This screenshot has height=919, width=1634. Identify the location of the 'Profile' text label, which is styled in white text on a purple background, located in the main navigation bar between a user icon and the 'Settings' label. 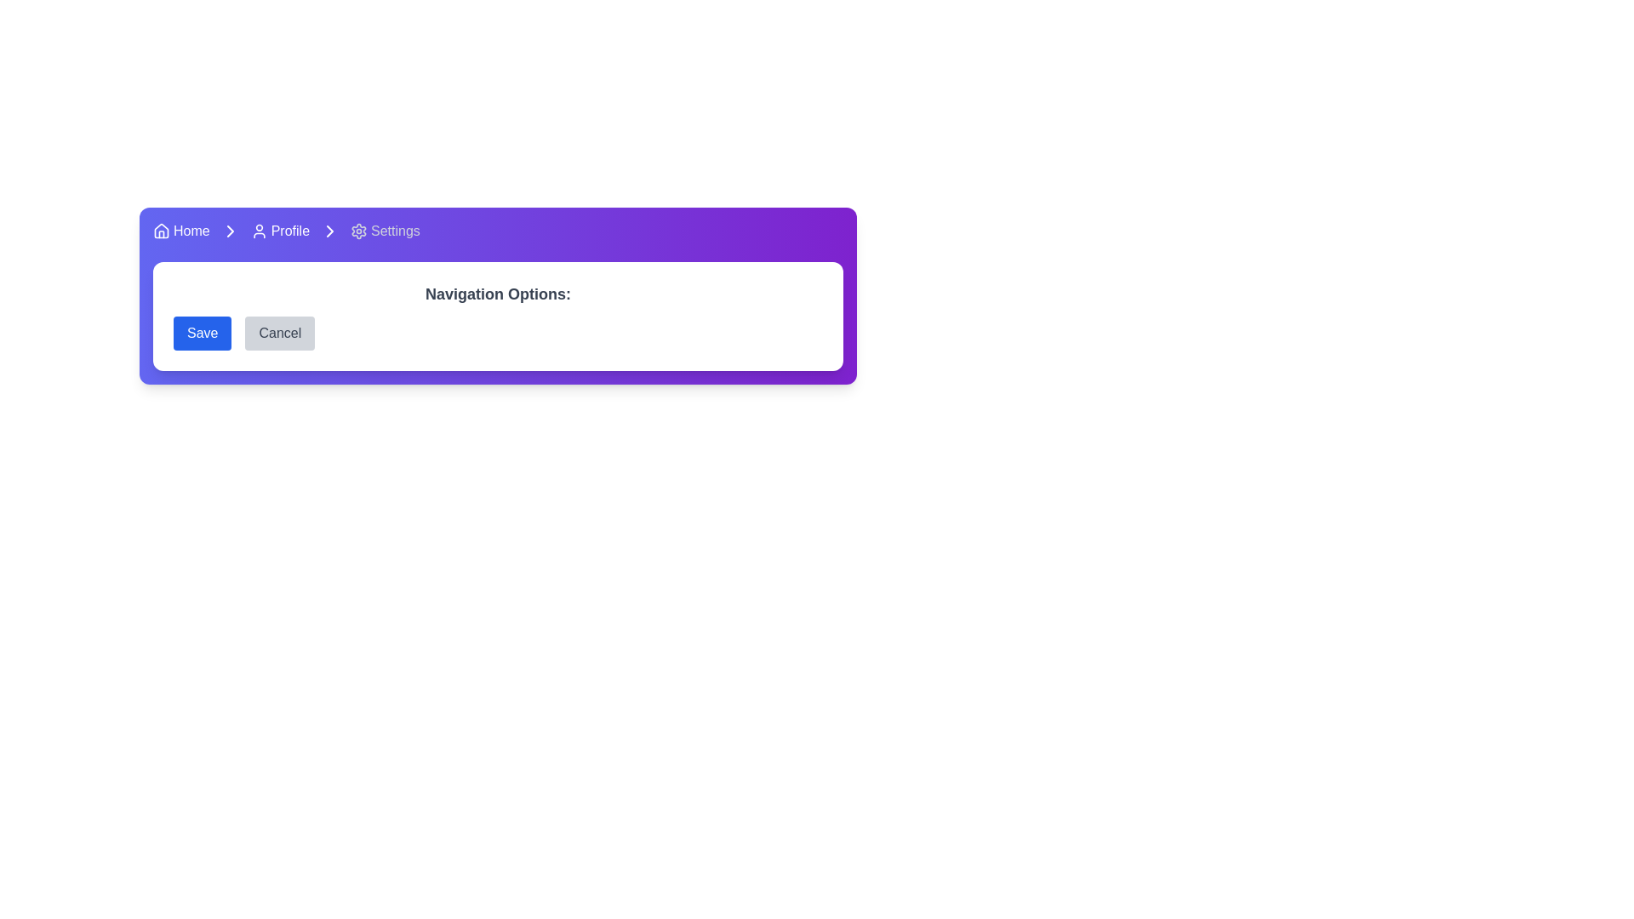
(290, 231).